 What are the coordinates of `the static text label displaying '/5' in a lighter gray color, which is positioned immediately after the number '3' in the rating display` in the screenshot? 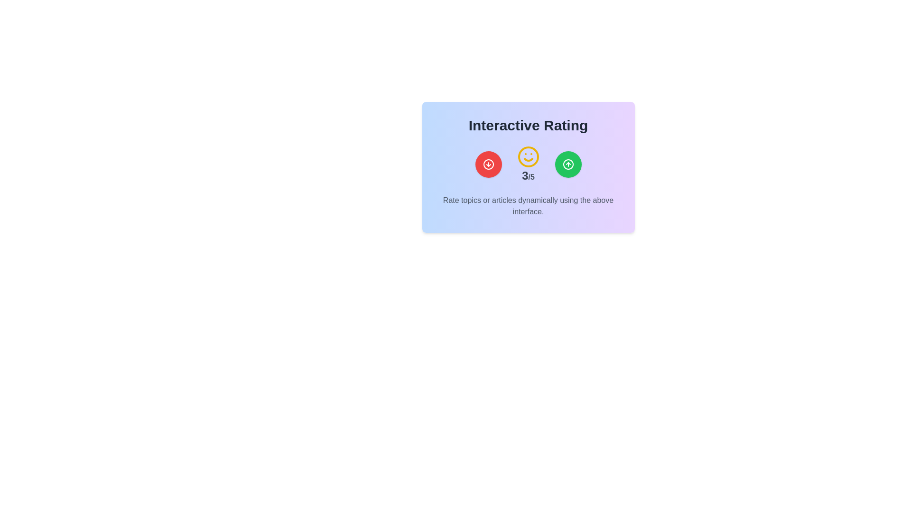 It's located at (531, 177).